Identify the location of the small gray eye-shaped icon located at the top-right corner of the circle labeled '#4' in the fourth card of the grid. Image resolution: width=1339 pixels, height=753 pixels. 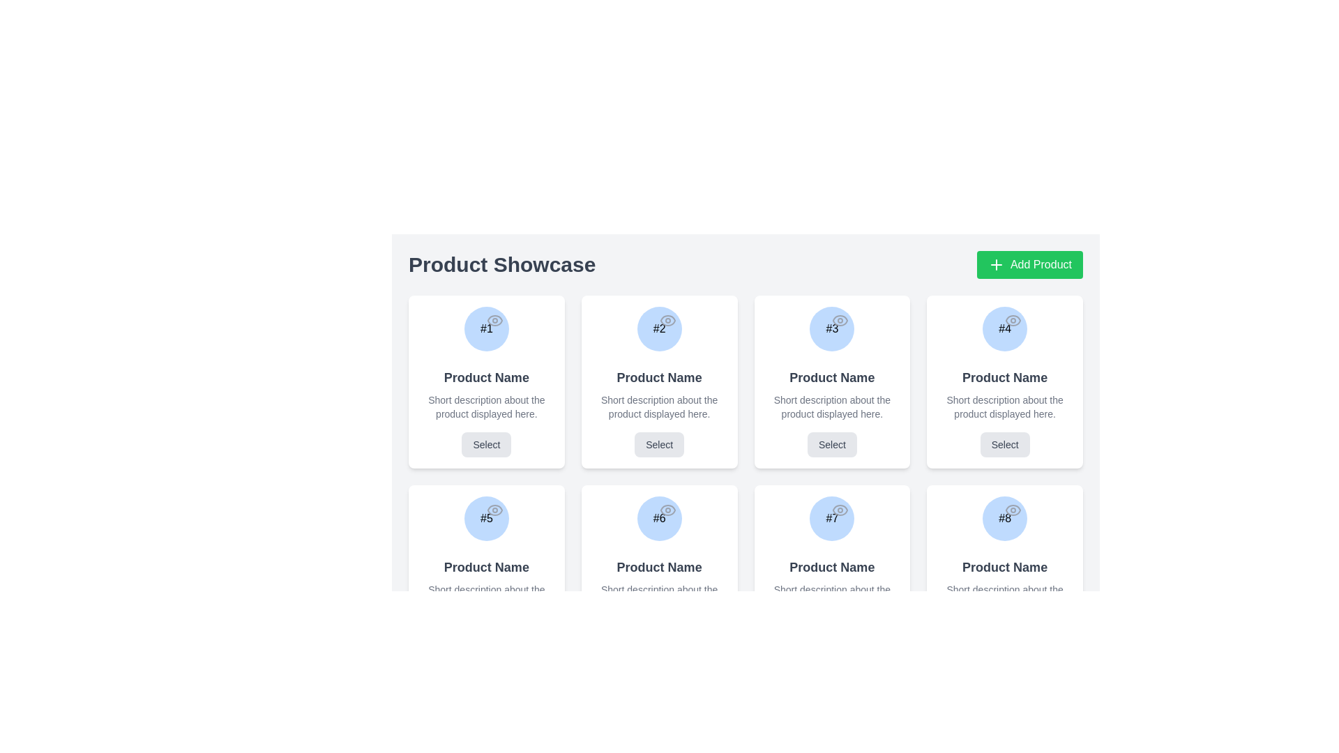
(1013, 320).